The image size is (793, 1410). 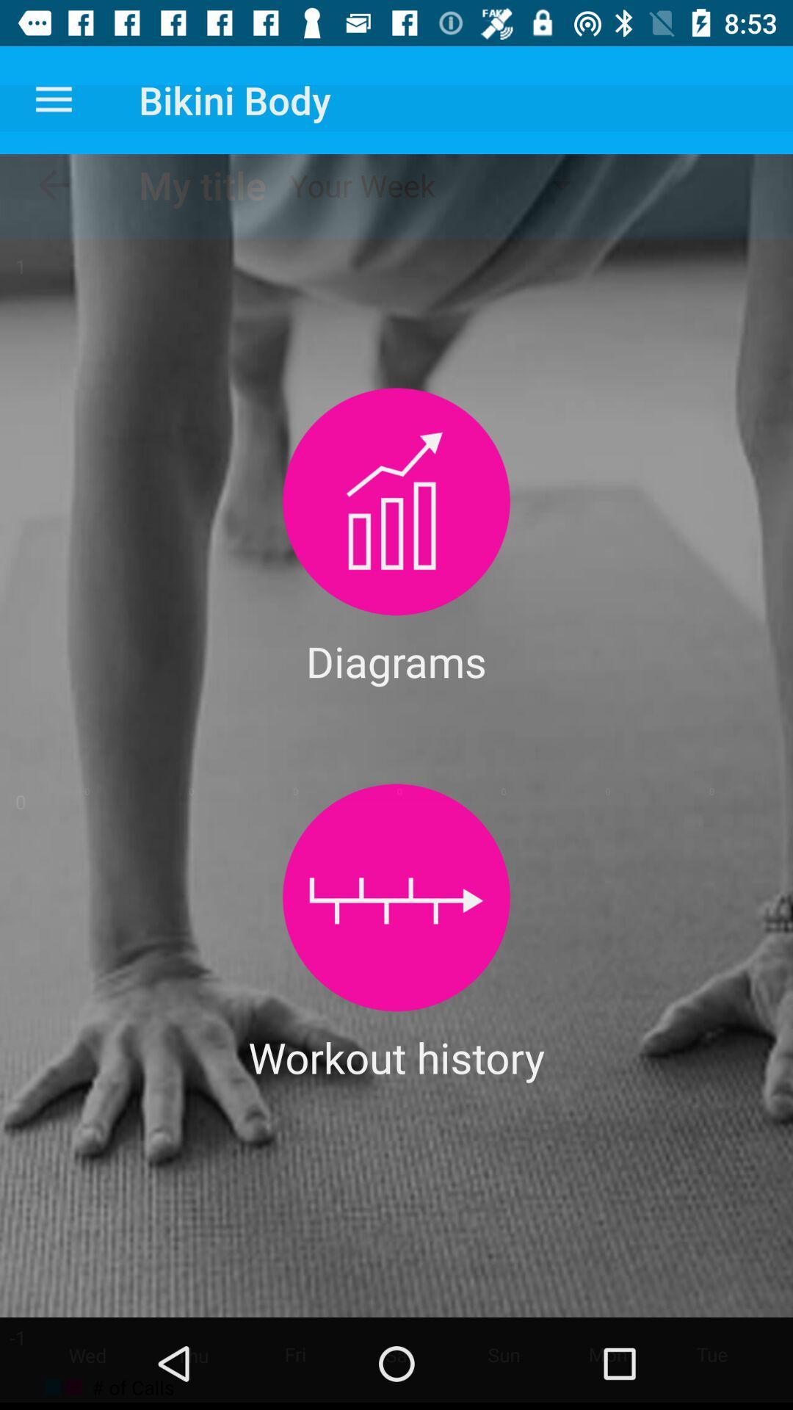 What do you see at coordinates (396, 897) in the screenshot?
I see `workout history` at bounding box center [396, 897].